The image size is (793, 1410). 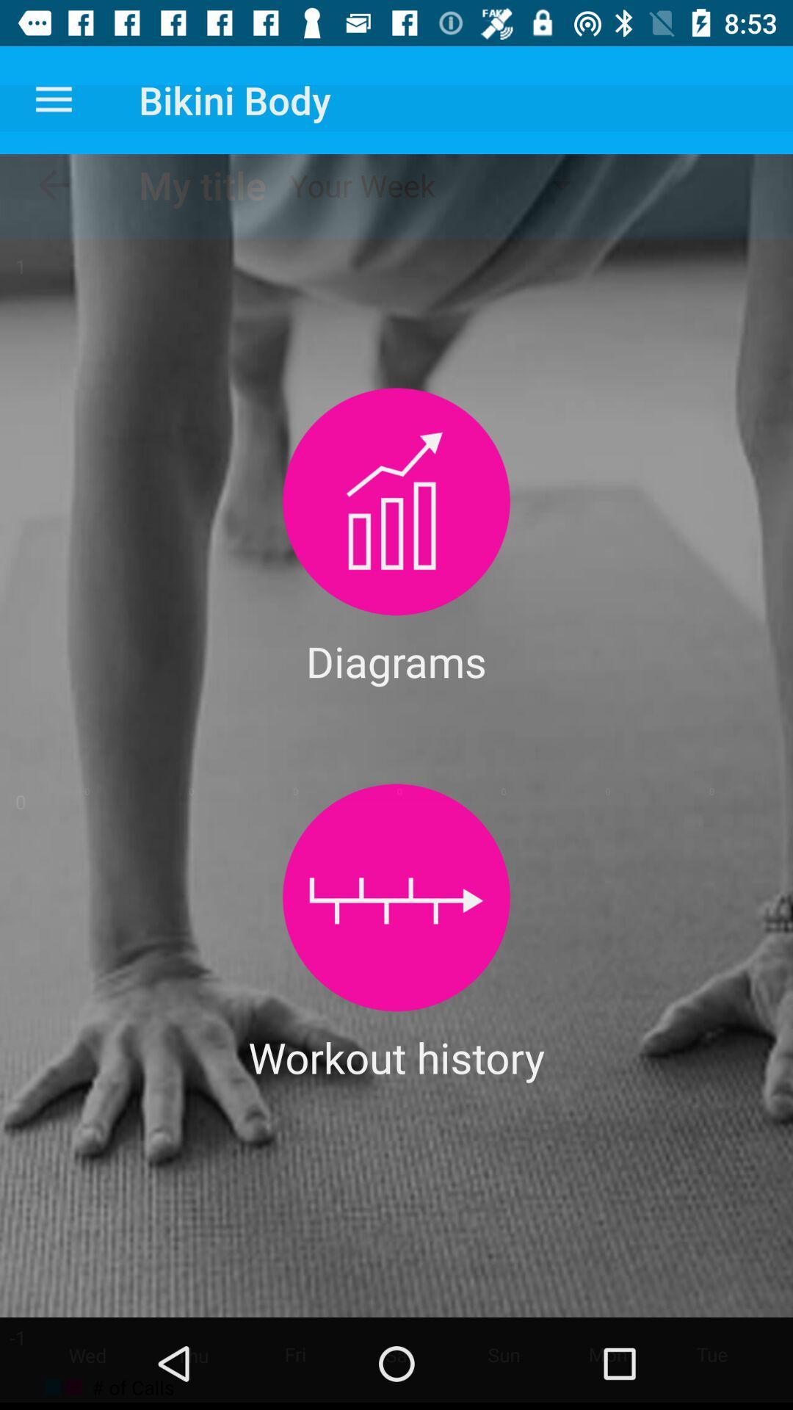 What do you see at coordinates (396, 897) in the screenshot?
I see `workout history` at bounding box center [396, 897].